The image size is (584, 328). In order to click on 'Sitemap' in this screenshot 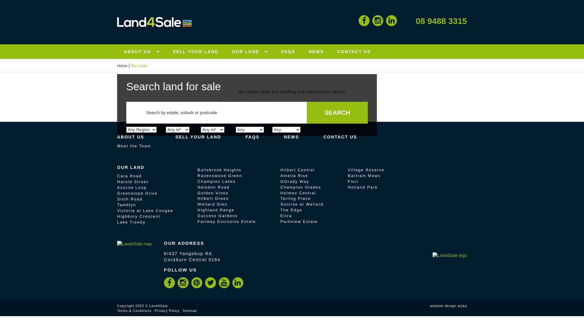, I will do `click(189, 310)`.